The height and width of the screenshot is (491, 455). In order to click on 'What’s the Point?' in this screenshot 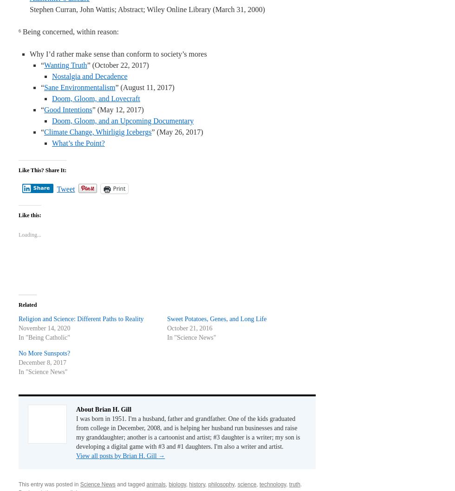, I will do `click(78, 142)`.